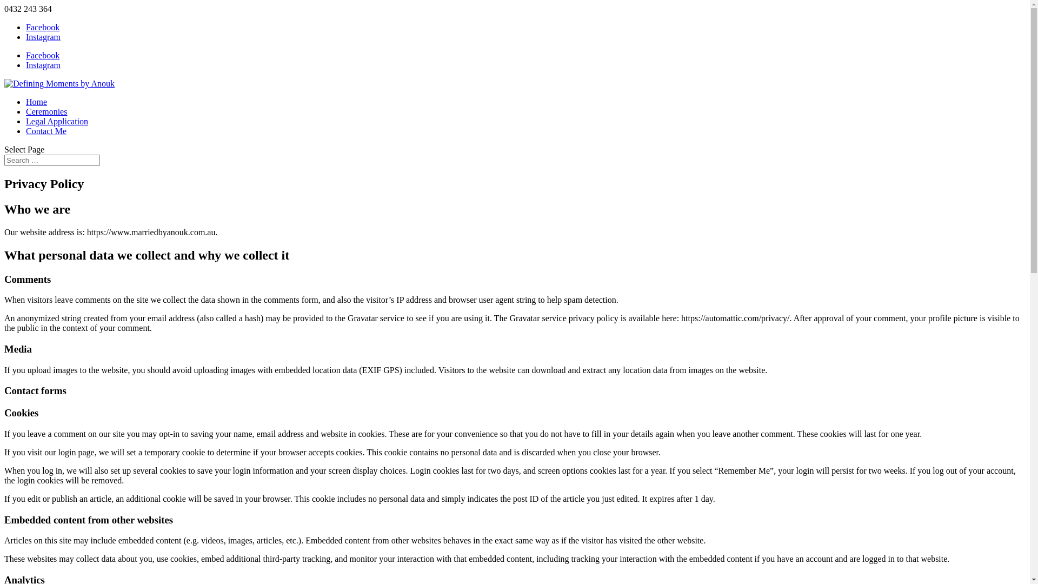  What do you see at coordinates (43, 65) in the screenshot?
I see `'Instagram'` at bounding box center [43, 65].